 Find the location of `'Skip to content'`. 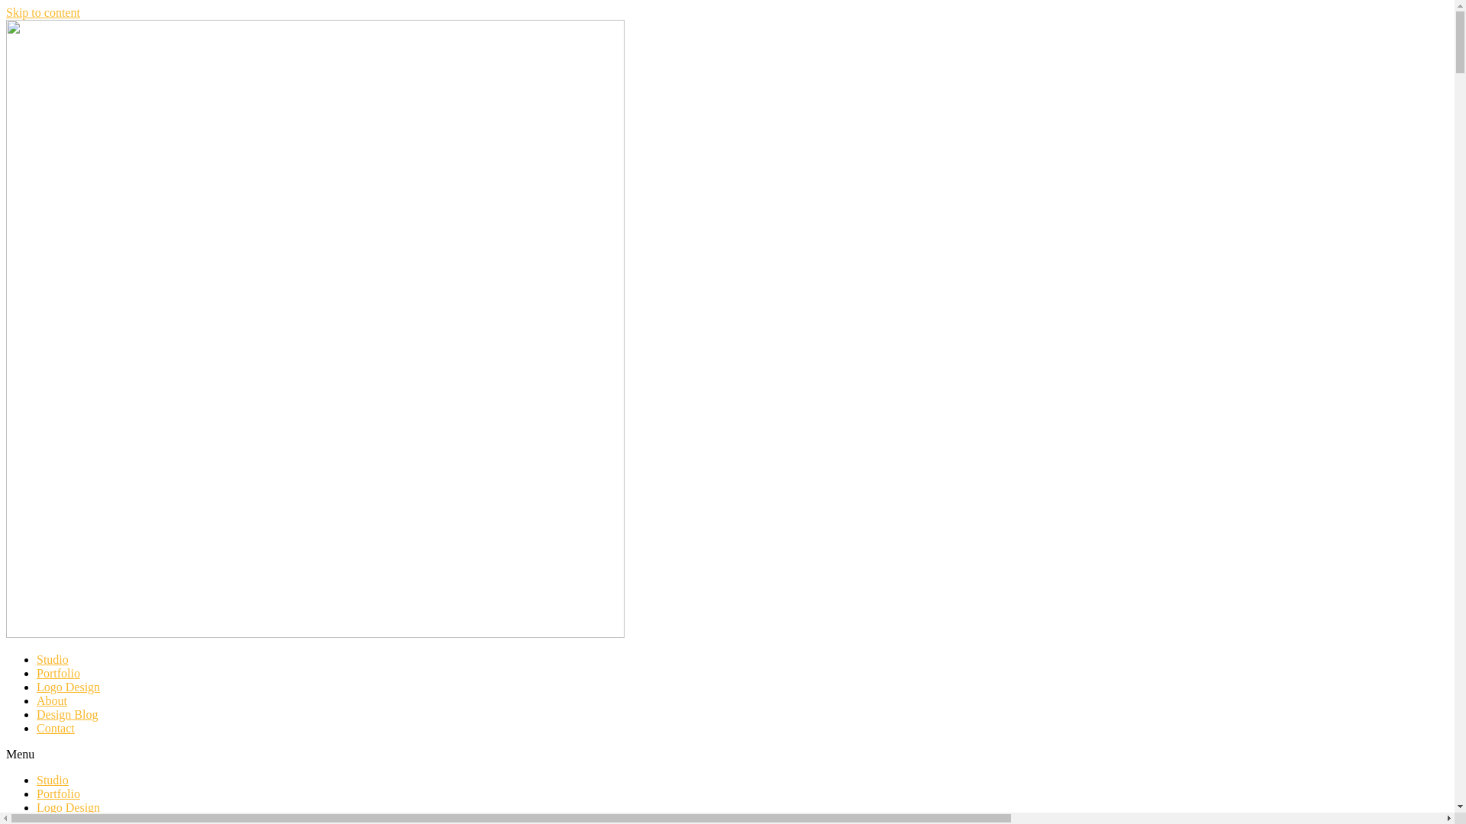

'Skip to content' is located at coordinates (43, 12).